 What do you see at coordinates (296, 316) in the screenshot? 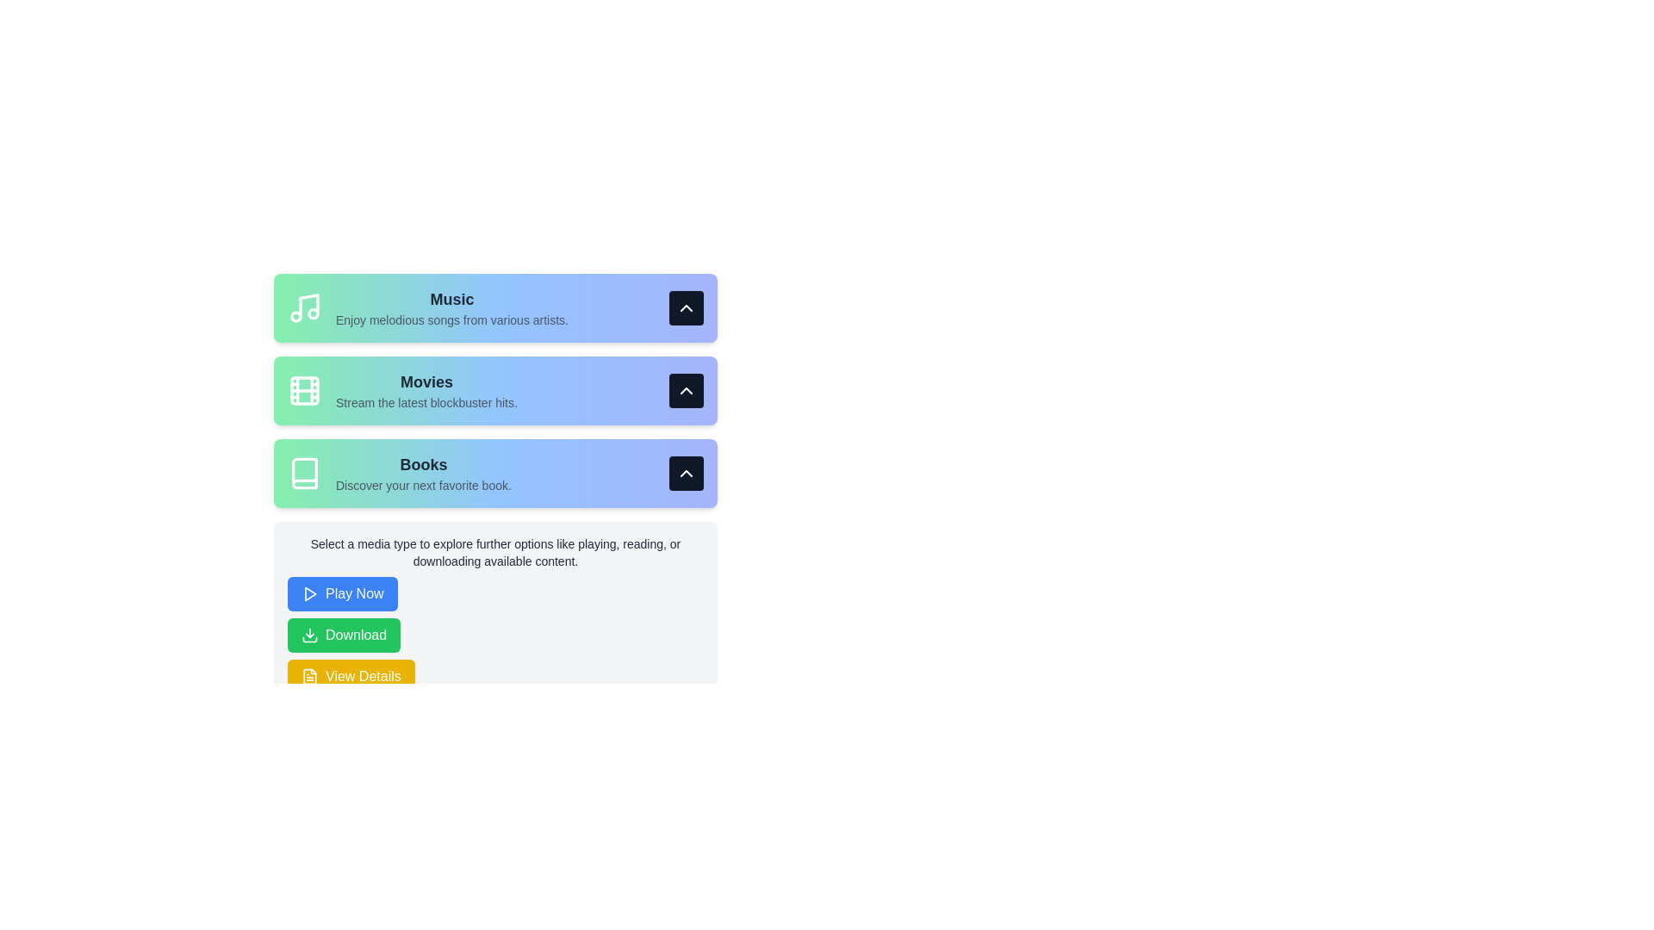
I see `small circular graphic element representing a decorative item in the music-themed card using browser developer tools` at bounding box center [296, 316].